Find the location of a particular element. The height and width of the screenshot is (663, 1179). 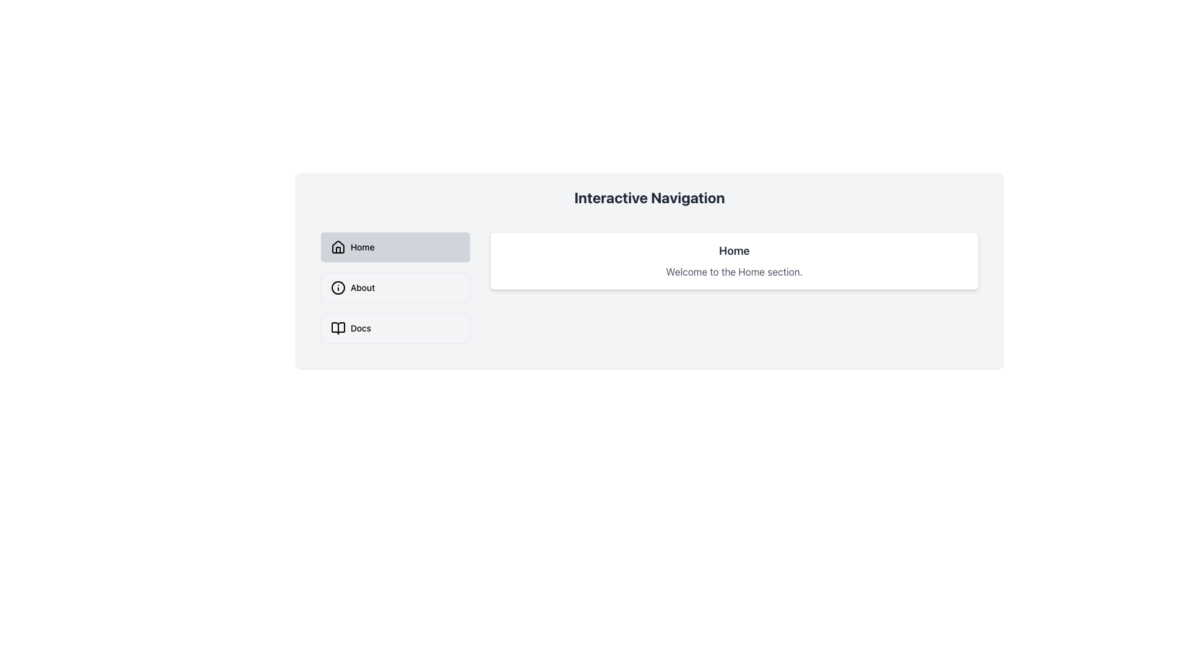

the 'About' navigation button, which is the second item in the vertical stack of navigation options, positioned between 'Home' and 'Docs' is located at coordinates (395, 288).